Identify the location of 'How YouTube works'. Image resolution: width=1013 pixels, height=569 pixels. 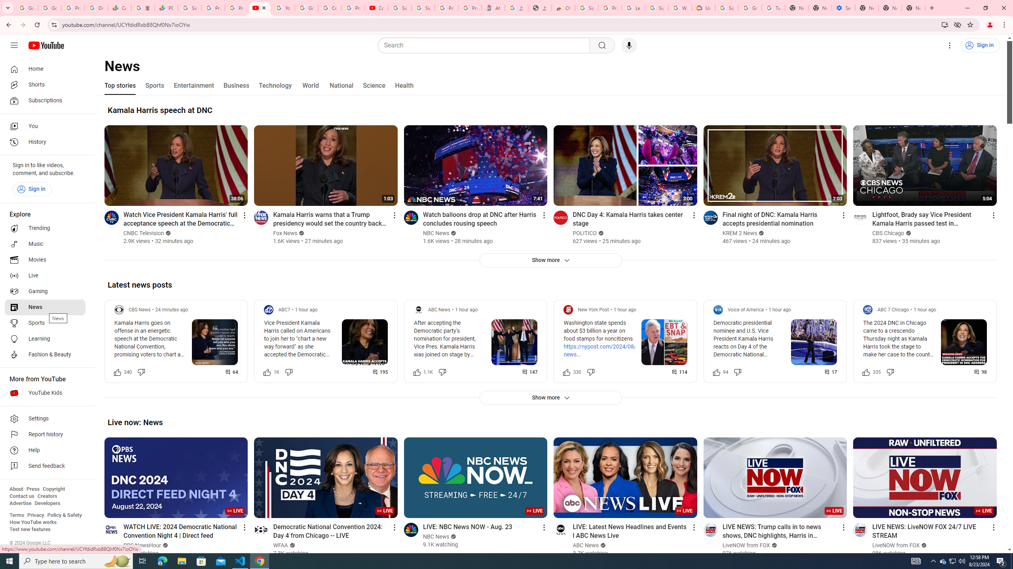
(32, 522).